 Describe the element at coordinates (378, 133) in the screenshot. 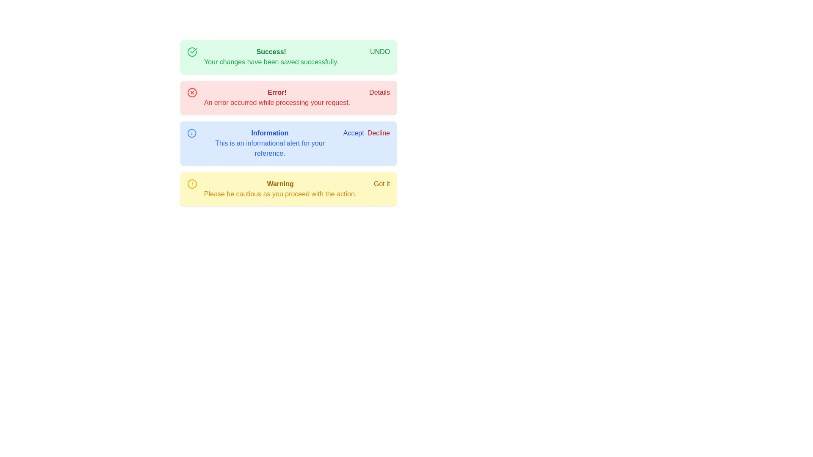

I see `the 'Decline' button, which is a red text link positioned on the right side of the 'Accept' button` at that location.